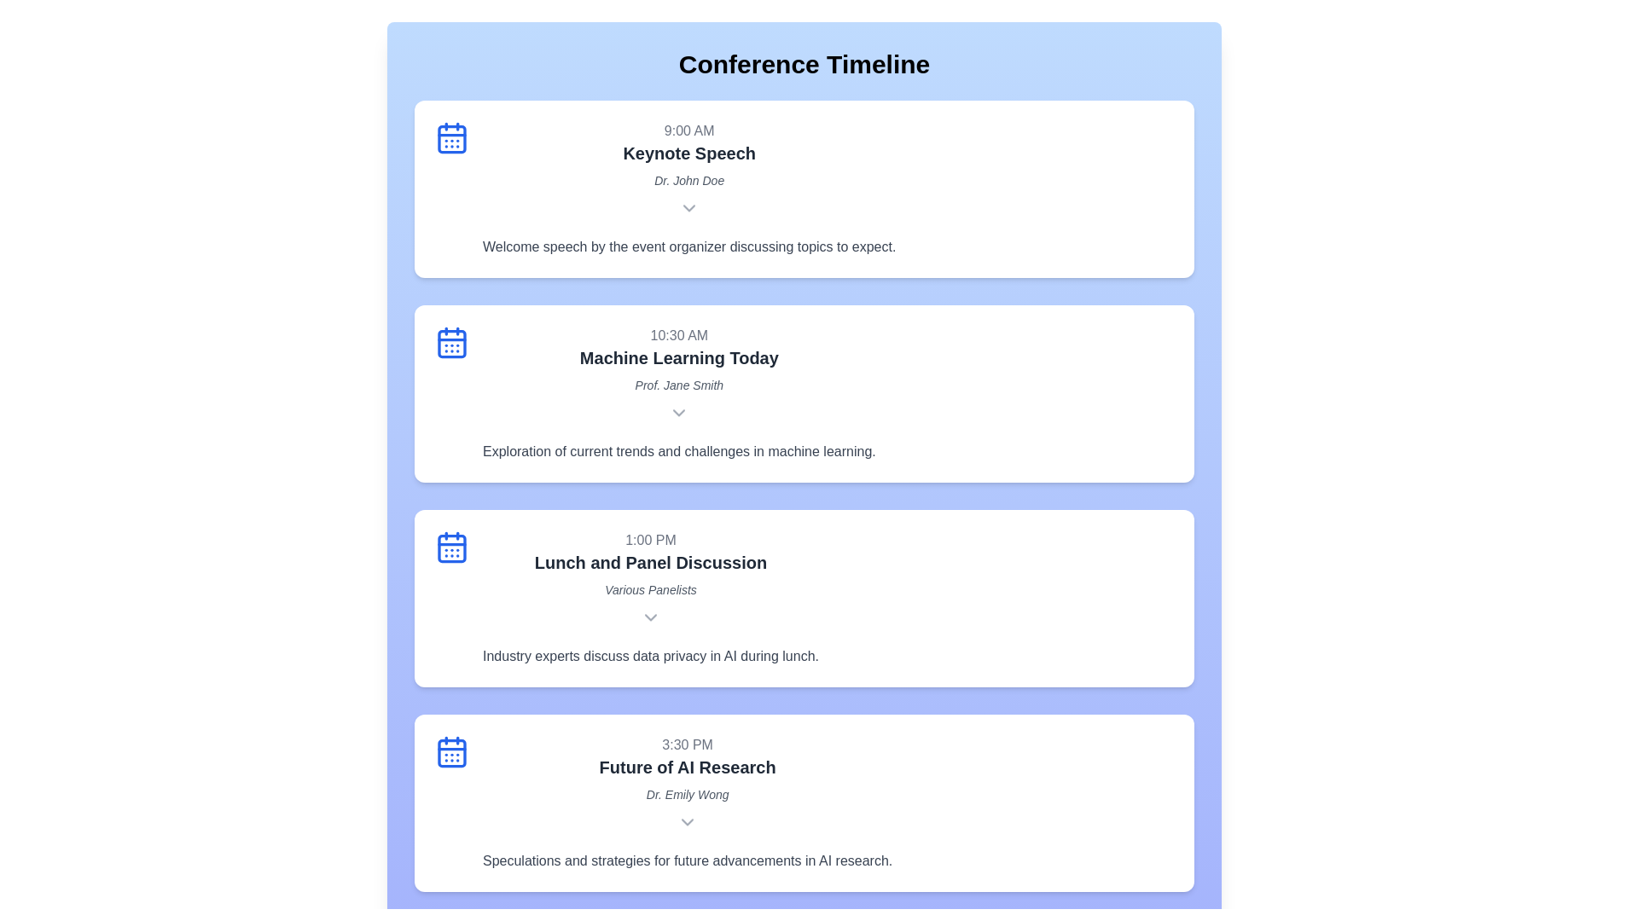 The width and height of the screenshot is (1638, 921). I want to click on the rectangular background shape with rounded corners that is part of the calendar icon located in the top-left corner of the 'Keynote Speech' card in the 'Conference Timeline' interface, so click(451, 137).